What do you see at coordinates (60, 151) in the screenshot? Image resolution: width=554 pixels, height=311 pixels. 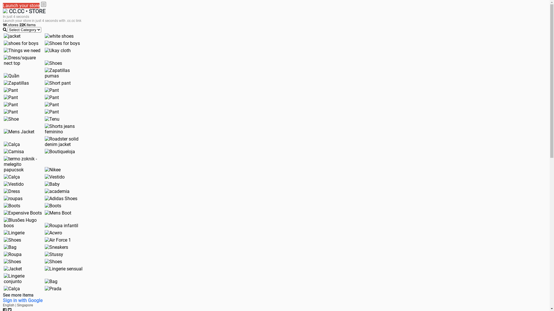 I see `'Boutiqueloja'` at bounding box center [60, 151].